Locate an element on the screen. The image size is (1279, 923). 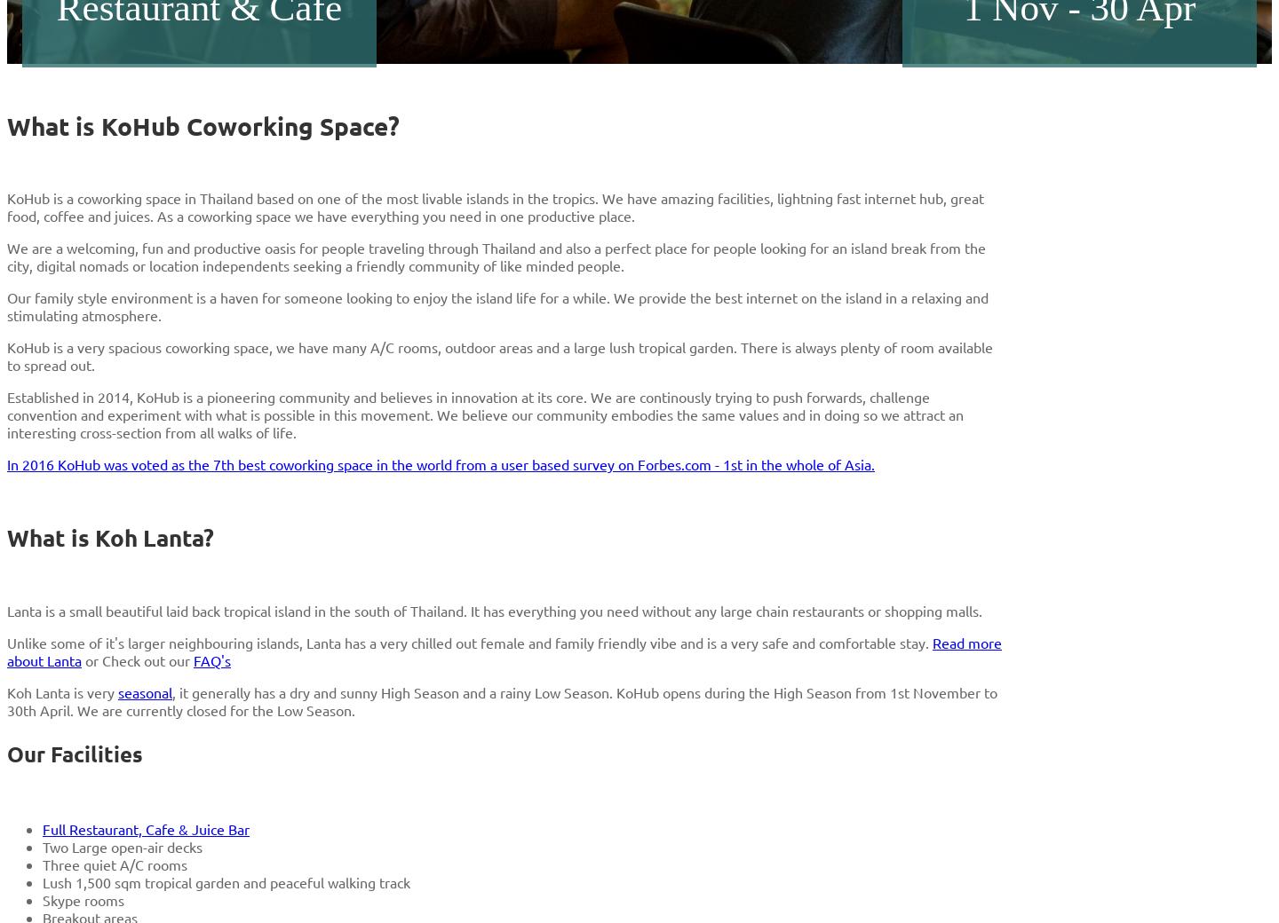
'FAQ's' is located at coordinates (212, 660).